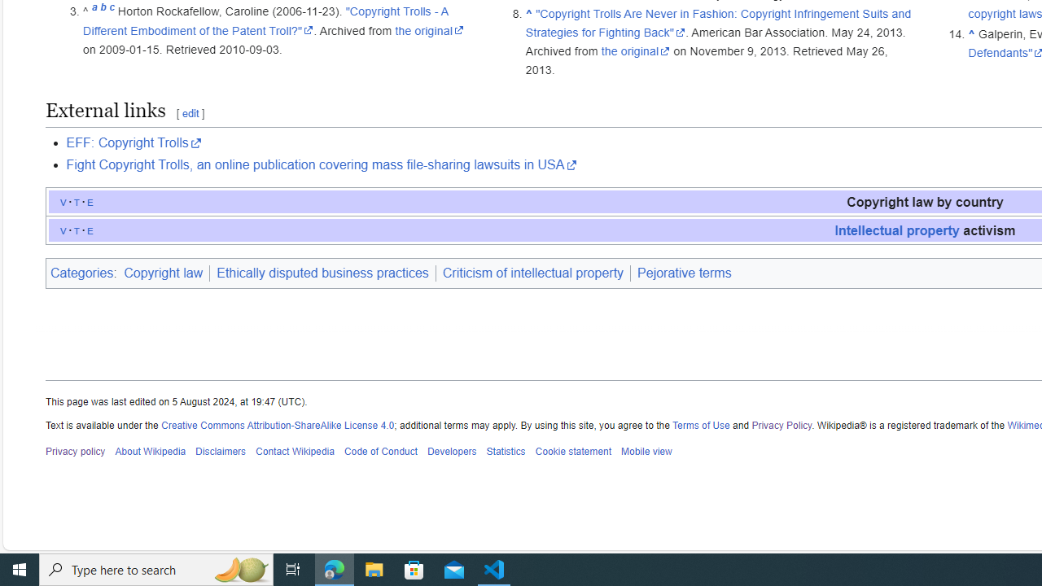 This screenshot has width=1042, height=586. Describe the element at coordinates (190, 113) in the screenshot. I see `'edit'` at that location.